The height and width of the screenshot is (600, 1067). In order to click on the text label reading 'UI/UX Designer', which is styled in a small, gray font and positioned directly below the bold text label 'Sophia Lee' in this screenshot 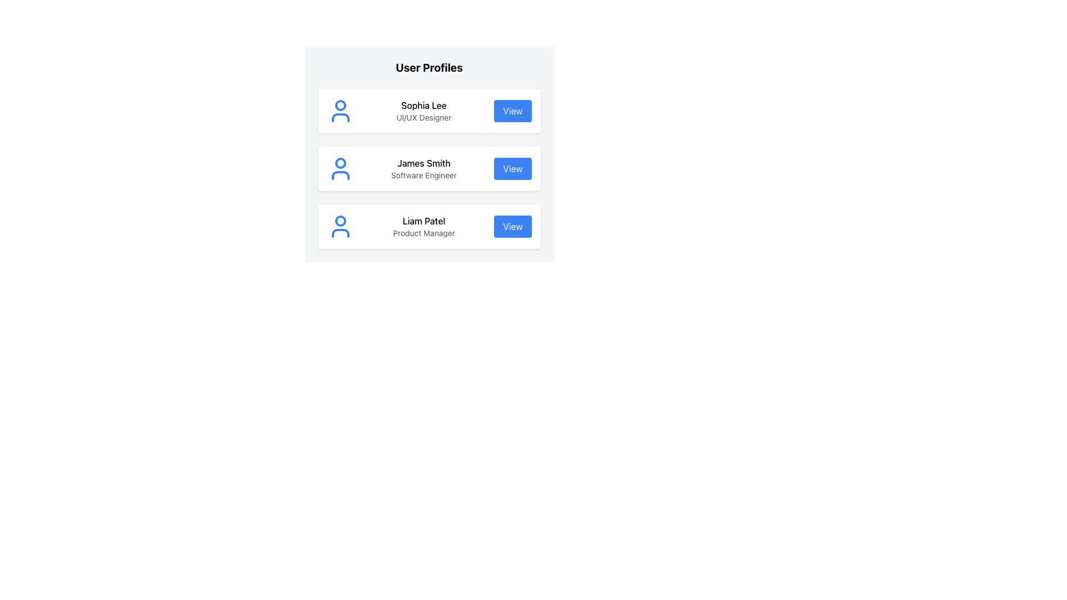, I will do `click(423, 118)`.